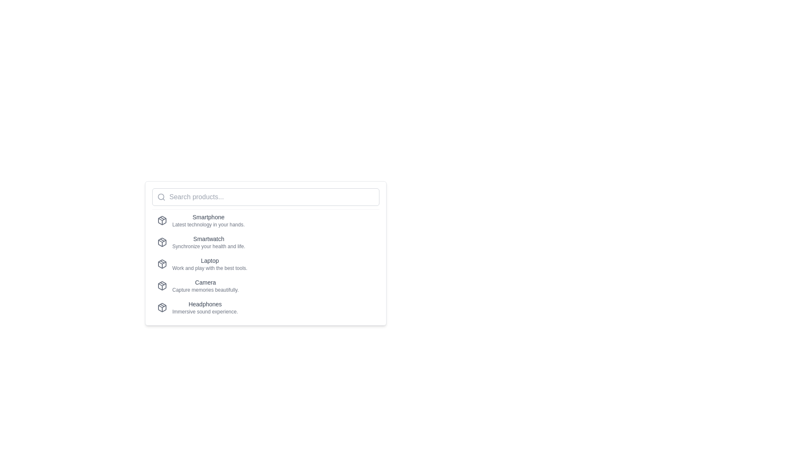 The height and width of the screenshot is (452, 805). Describe the element at coordinates (162, 220) in the screenshot. I see `the 'Smartphone' icon, which is the first icon in the vertically arranged list of menu options` at that location.